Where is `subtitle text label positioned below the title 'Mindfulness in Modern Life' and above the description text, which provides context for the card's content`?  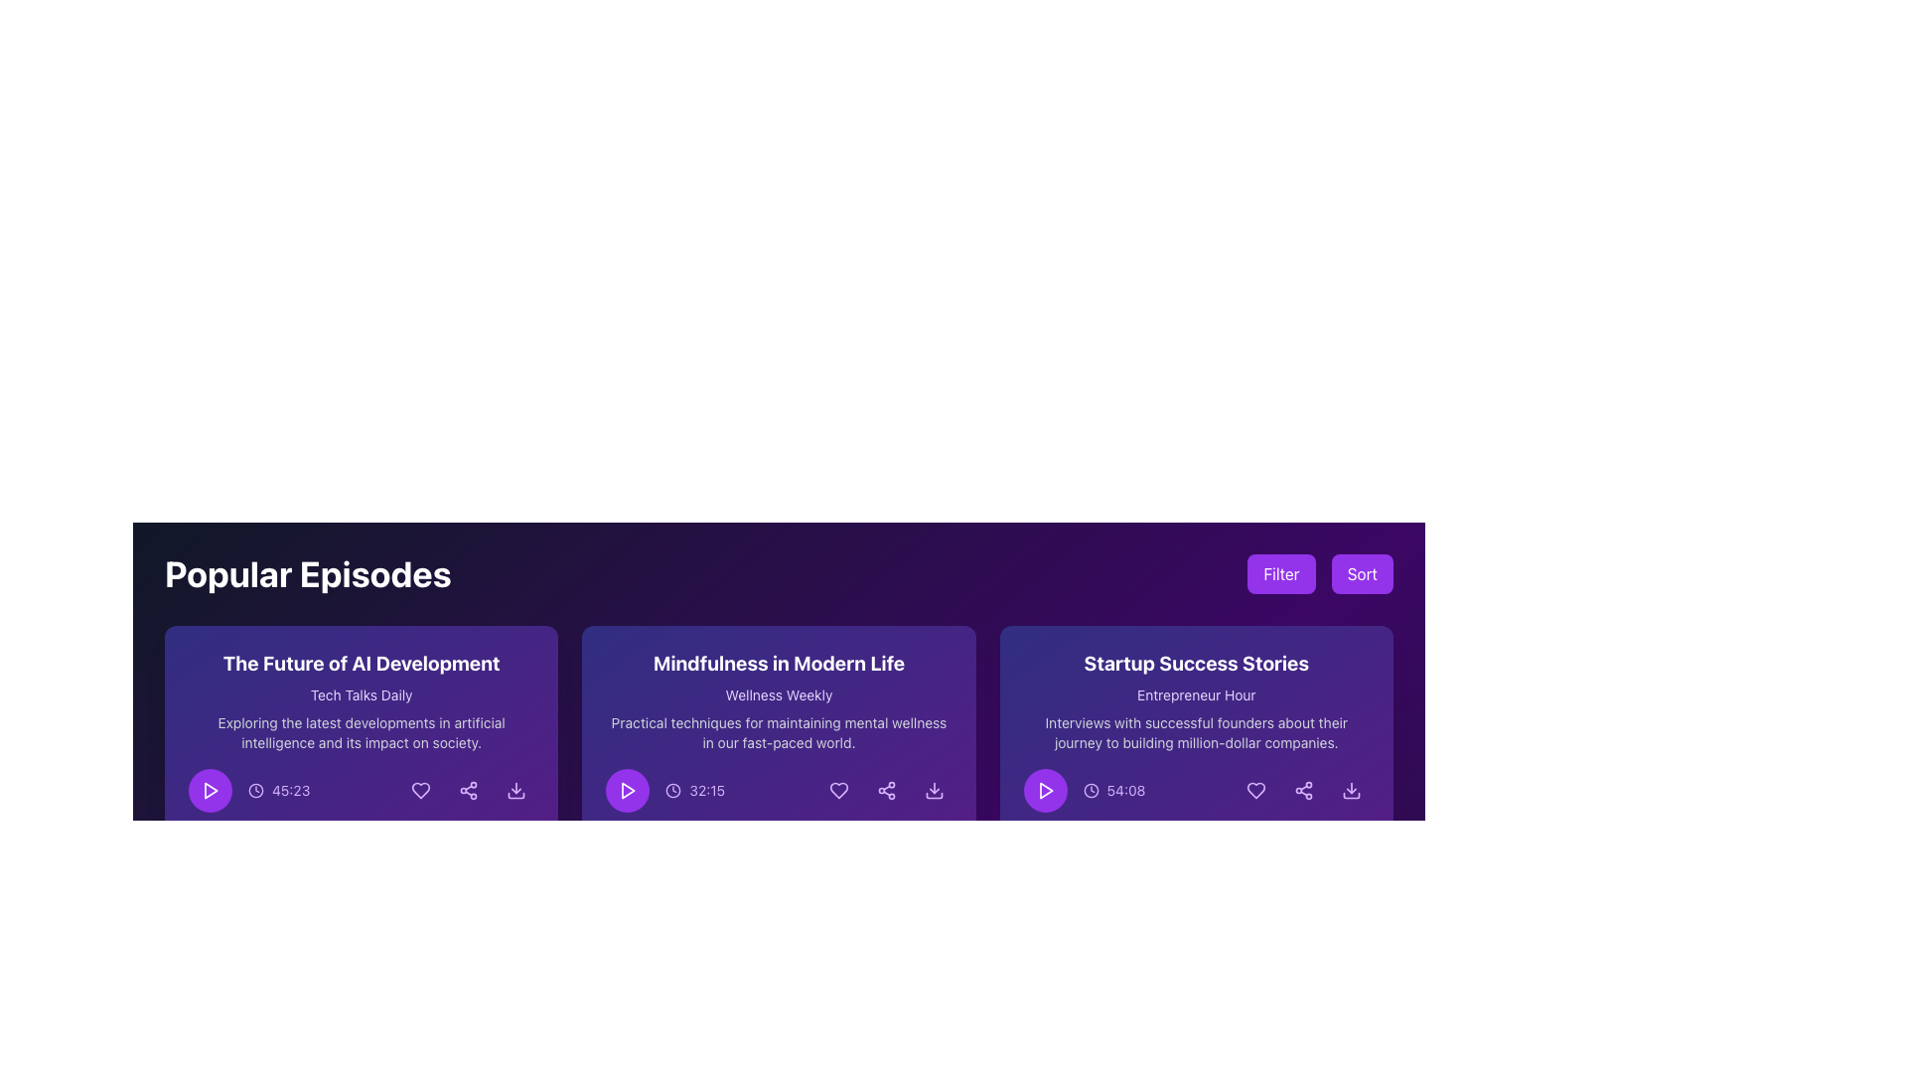 subtitle text label positioned below the title 'Mindfulness in Modern Life' and above the description text, which provides context for the card's content is located at coordinates (778, 693).